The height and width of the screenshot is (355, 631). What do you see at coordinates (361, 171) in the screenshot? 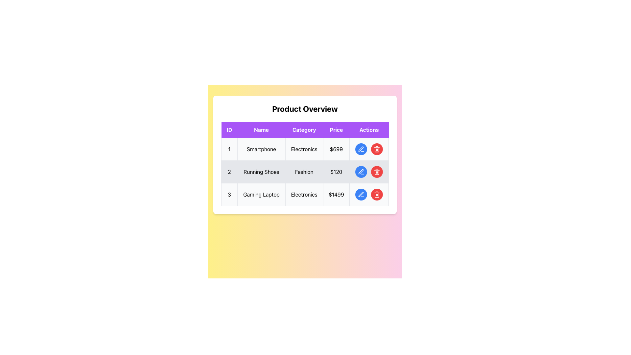
I see `the pen icon in the 'Actions' column of the table row for 'Running Shoes', which signifies editing functionality` at bounding box center [361, 171].